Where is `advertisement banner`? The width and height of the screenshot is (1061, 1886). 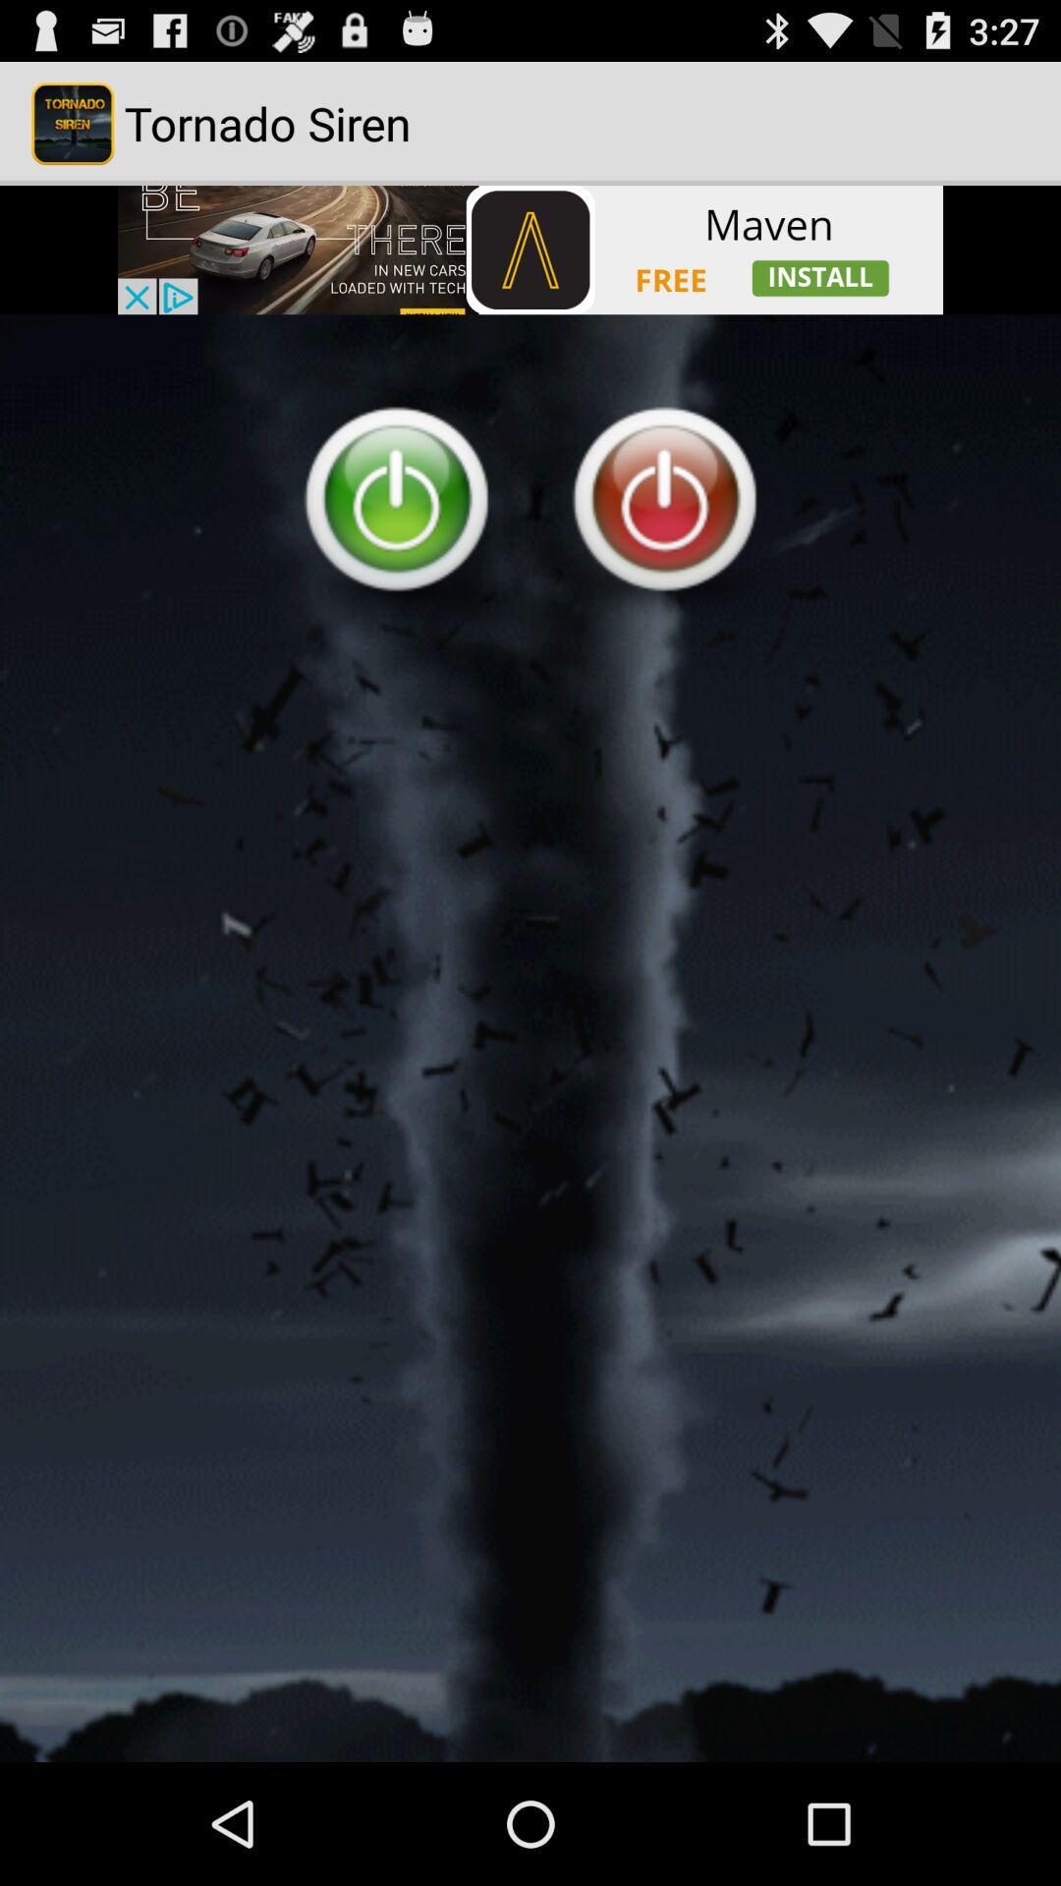 advertisement banner is located at coordinates (530, 249).